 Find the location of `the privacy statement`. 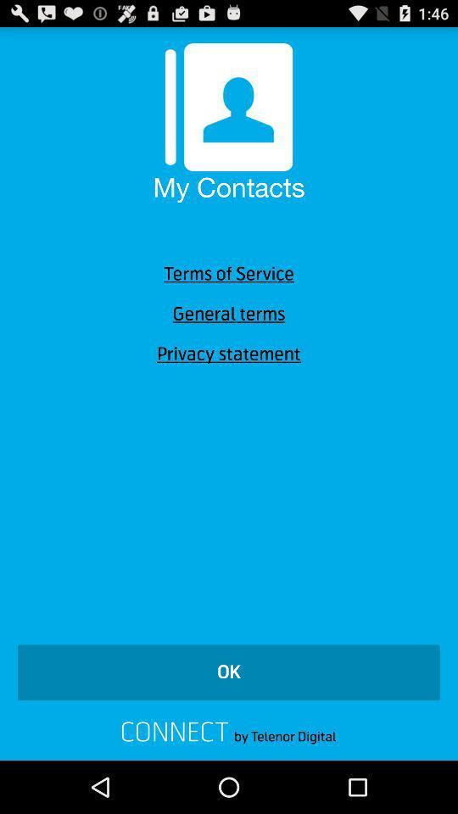

the privacy statement is located at coordinates (229, 353).